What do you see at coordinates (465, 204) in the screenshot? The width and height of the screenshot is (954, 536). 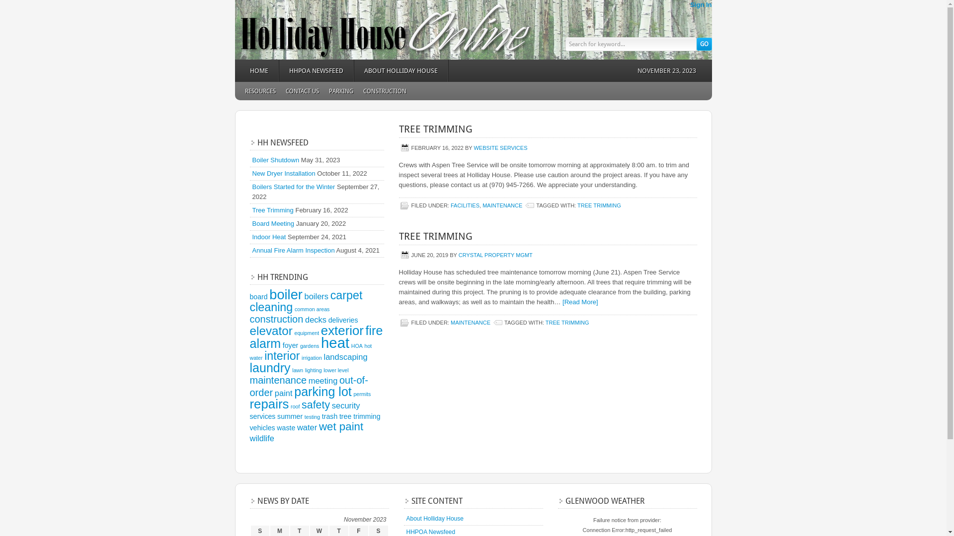 I see `'FACILITIES'` at bounding box center [465, 204].